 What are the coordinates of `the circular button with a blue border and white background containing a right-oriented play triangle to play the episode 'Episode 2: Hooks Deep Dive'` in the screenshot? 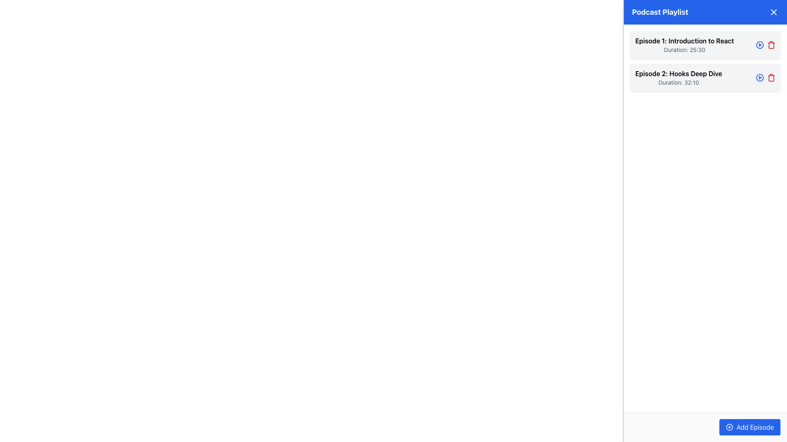 It's located at (759, 77).